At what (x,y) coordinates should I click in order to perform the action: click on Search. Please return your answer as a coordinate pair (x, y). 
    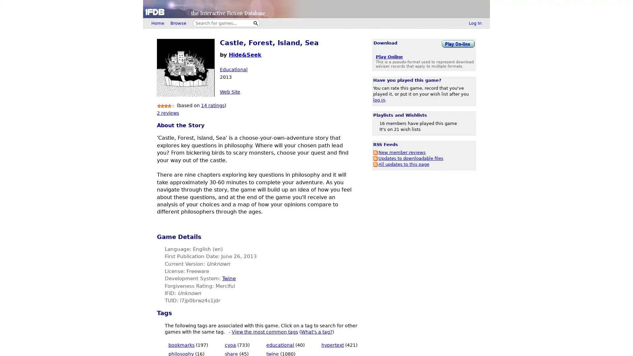
    Looking at the image, I should click on (255, 22).